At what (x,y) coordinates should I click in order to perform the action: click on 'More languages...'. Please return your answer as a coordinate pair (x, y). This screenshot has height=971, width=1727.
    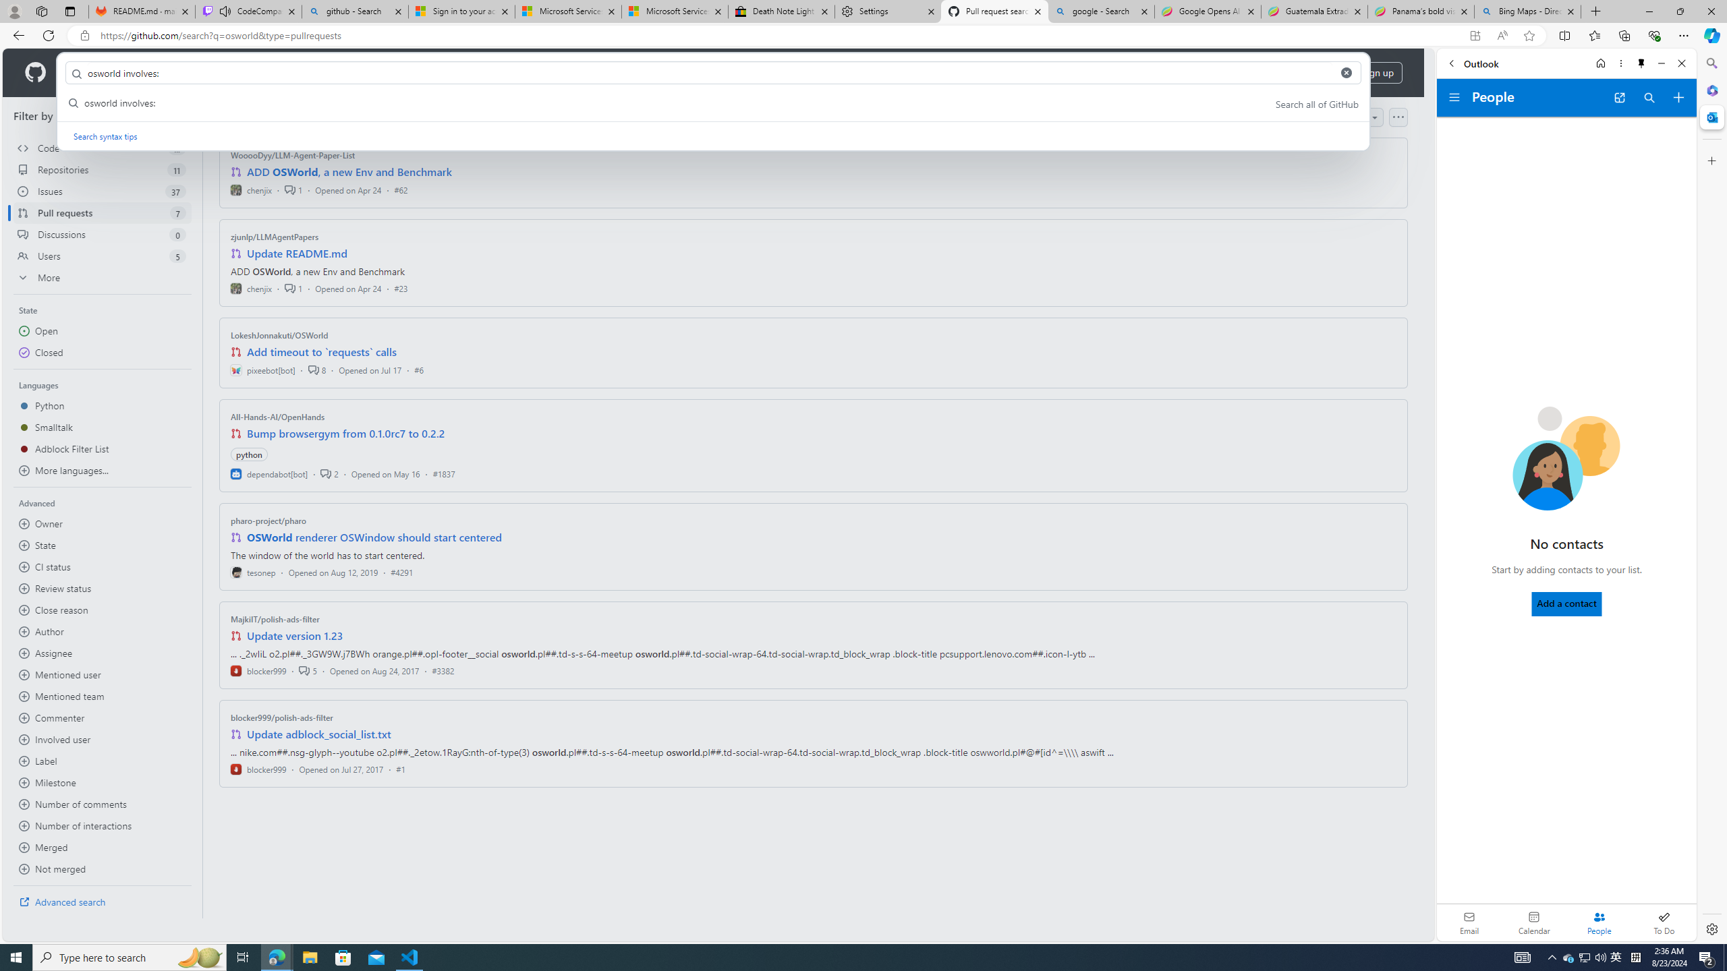
    Looking at the image, I should click on (102, 470).